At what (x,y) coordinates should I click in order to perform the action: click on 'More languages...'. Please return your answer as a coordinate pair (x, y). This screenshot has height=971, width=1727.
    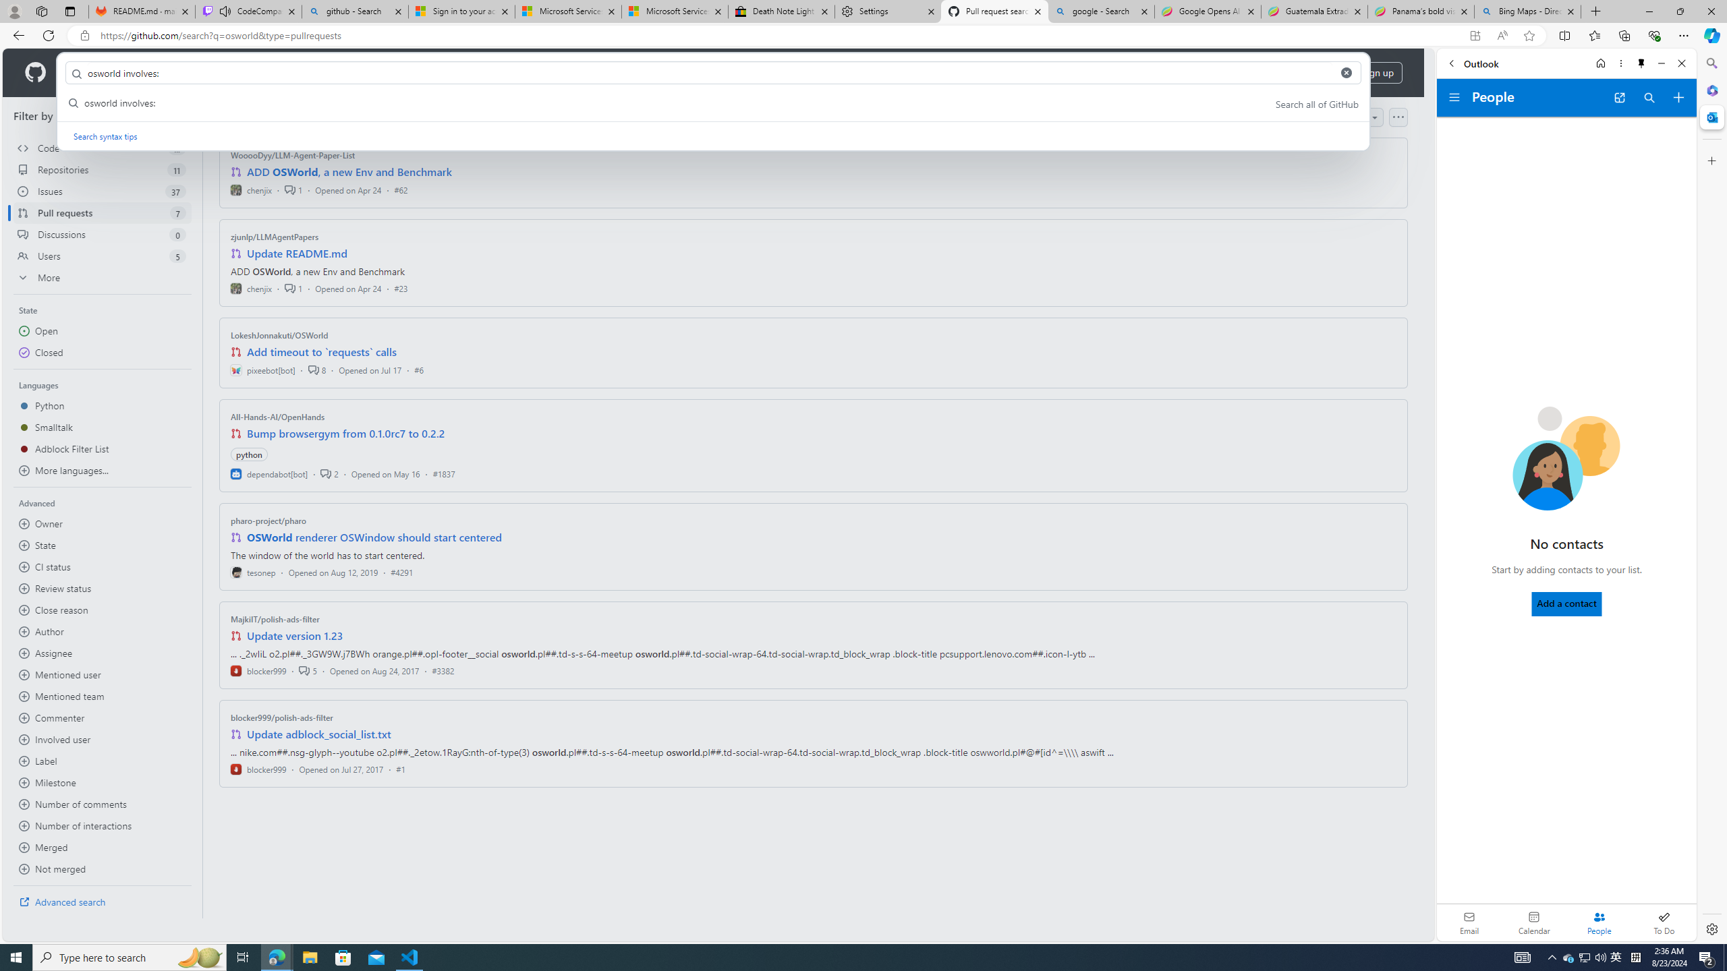
    Looking at the image, I should click on (102, 470).